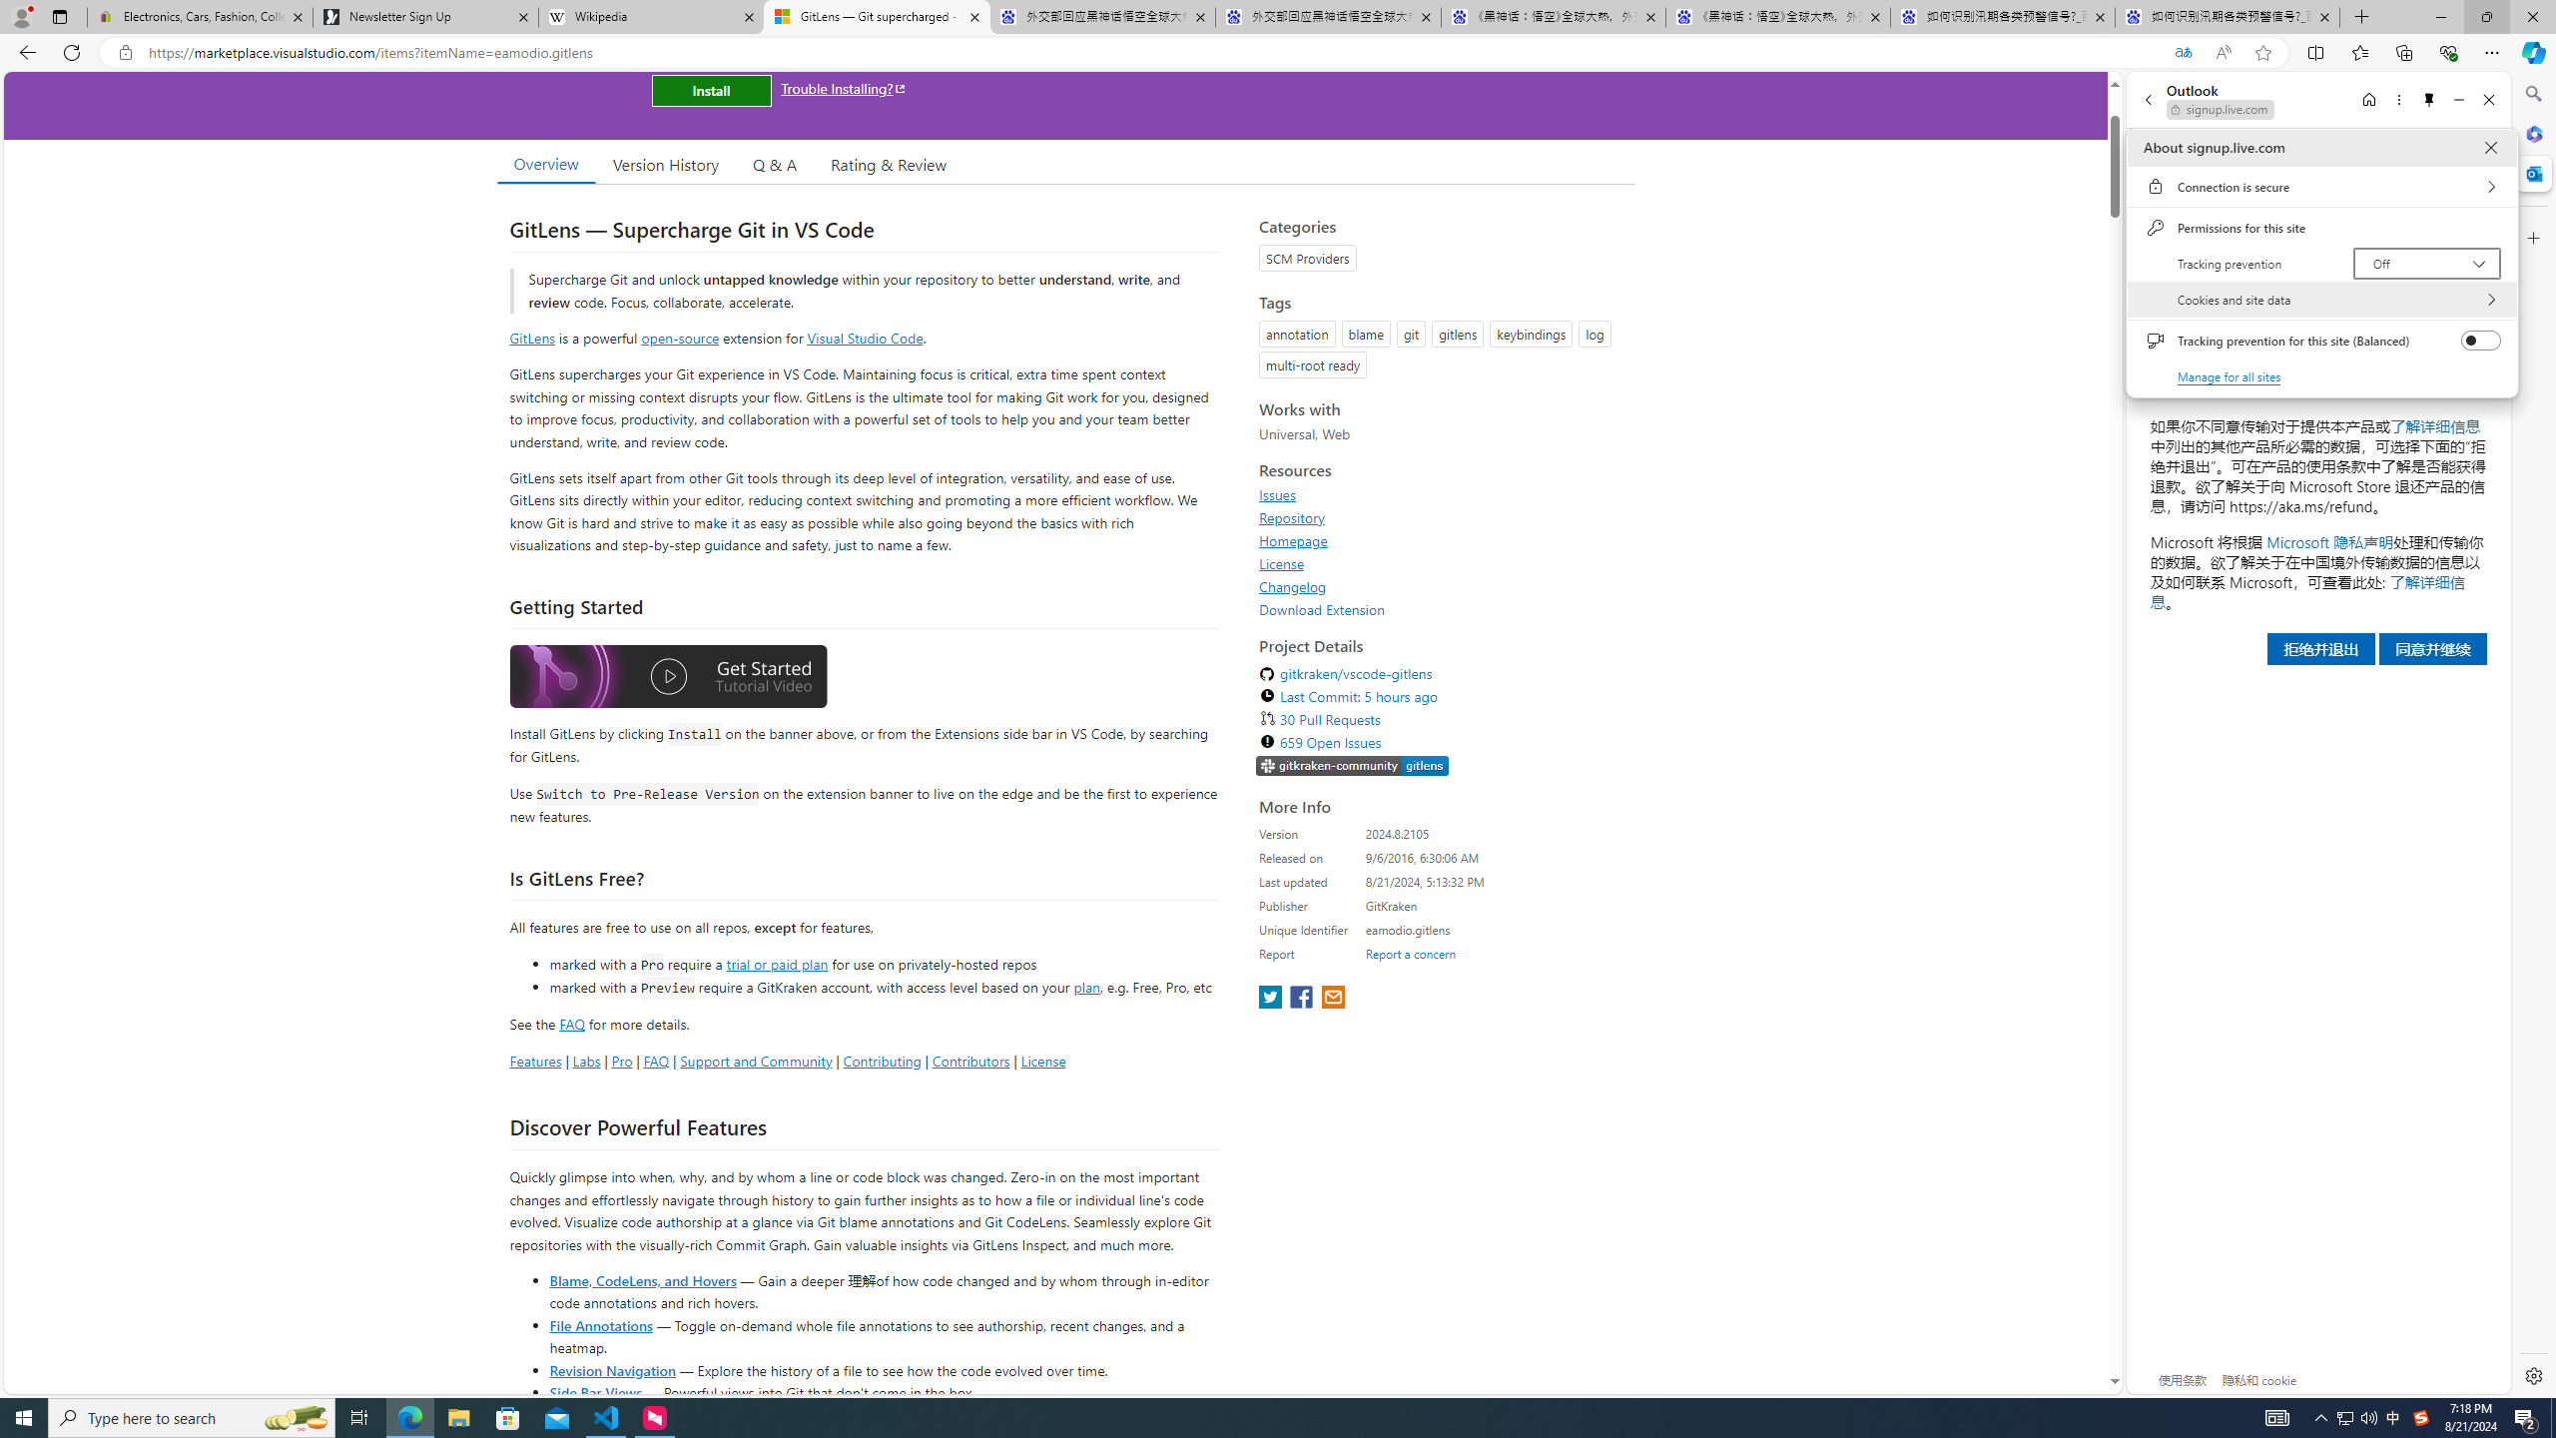 The height and width of the screenshot is (1438, 2556). Describe the element at coordinates (457, 1416) in the screenshot. I see `'File Explorer'` at that location.